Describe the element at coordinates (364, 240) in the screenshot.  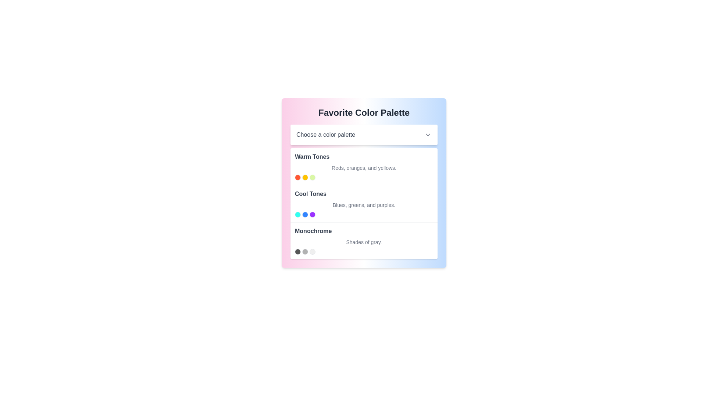
I see `the 'Monochrome' color palette selection item, which is the third item in the 'Favorite Color Palette' list` at that location.